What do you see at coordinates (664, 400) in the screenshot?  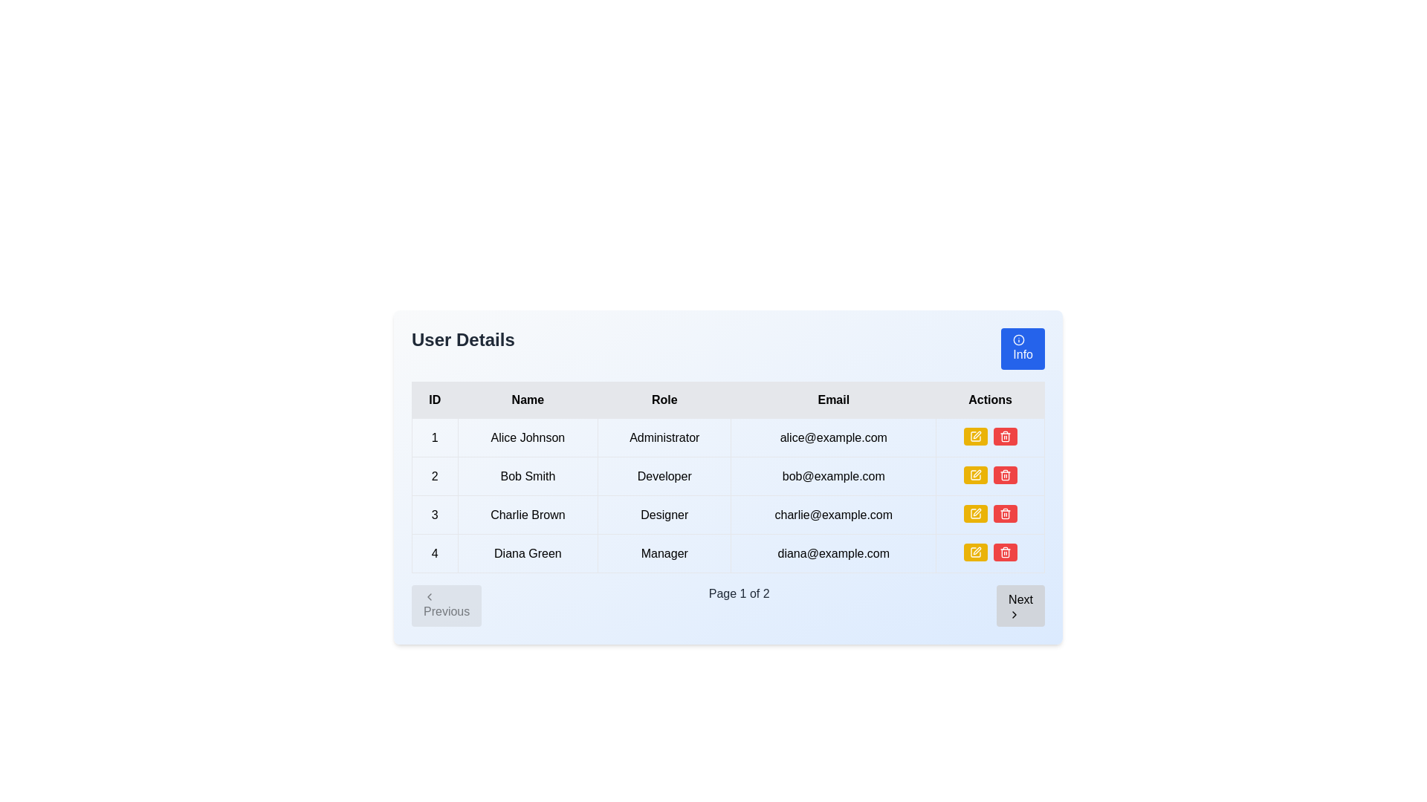 I see `the 'Role' column header in the table, which indicates the data underneath corresponds to user roles` at bounding box center [664, 400].